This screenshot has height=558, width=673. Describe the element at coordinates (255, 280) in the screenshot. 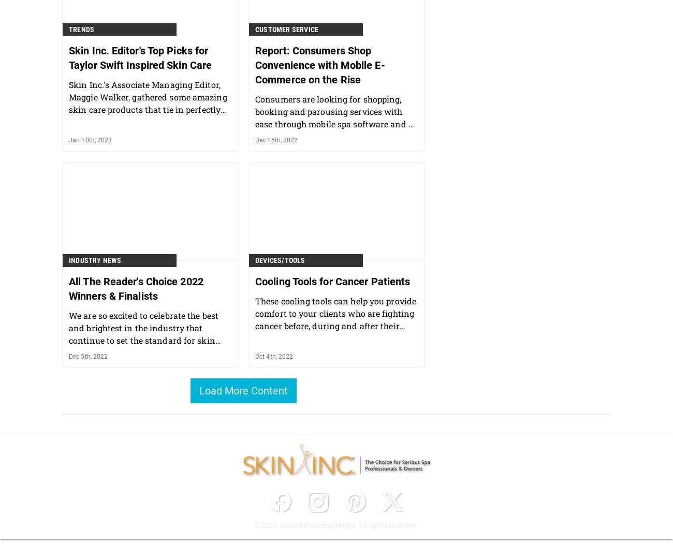

I see `'Cooling Tools for Cancer Patients'` at that location.